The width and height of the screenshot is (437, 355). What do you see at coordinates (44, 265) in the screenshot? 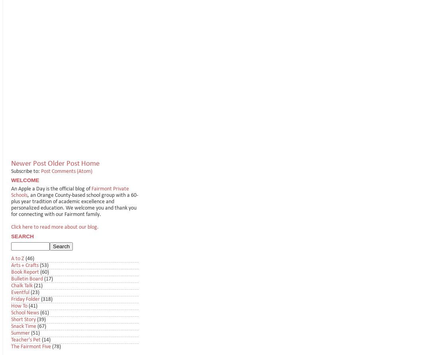
I see `'(53)'` at bounding box center [44, 265].